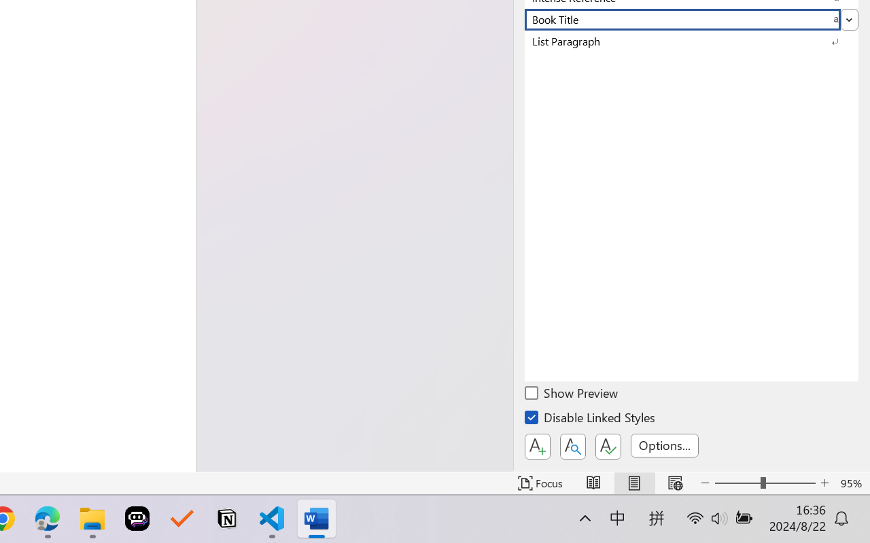  Describe the element at coordinates (691, 19) in the screenshot. I see `'Book Title'` at that location.